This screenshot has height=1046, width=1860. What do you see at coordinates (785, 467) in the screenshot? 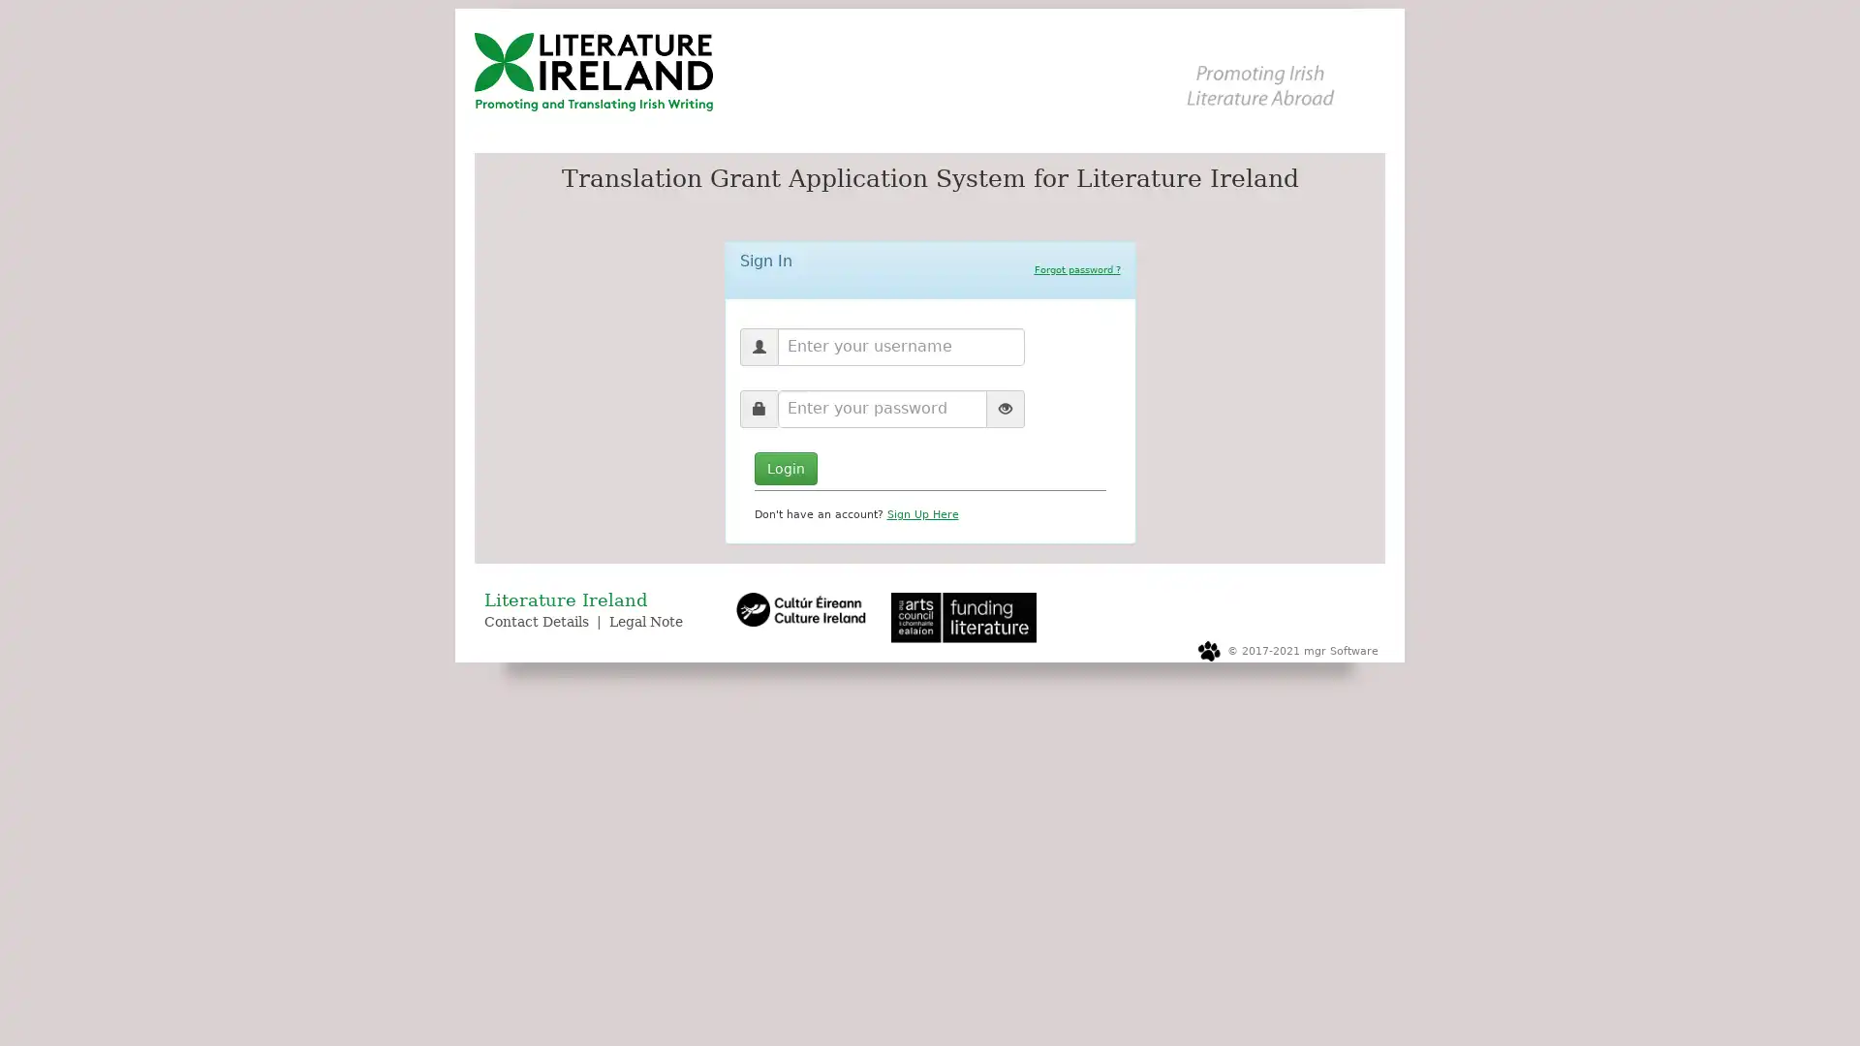
I see `Login` at bounding box center [785, 467].